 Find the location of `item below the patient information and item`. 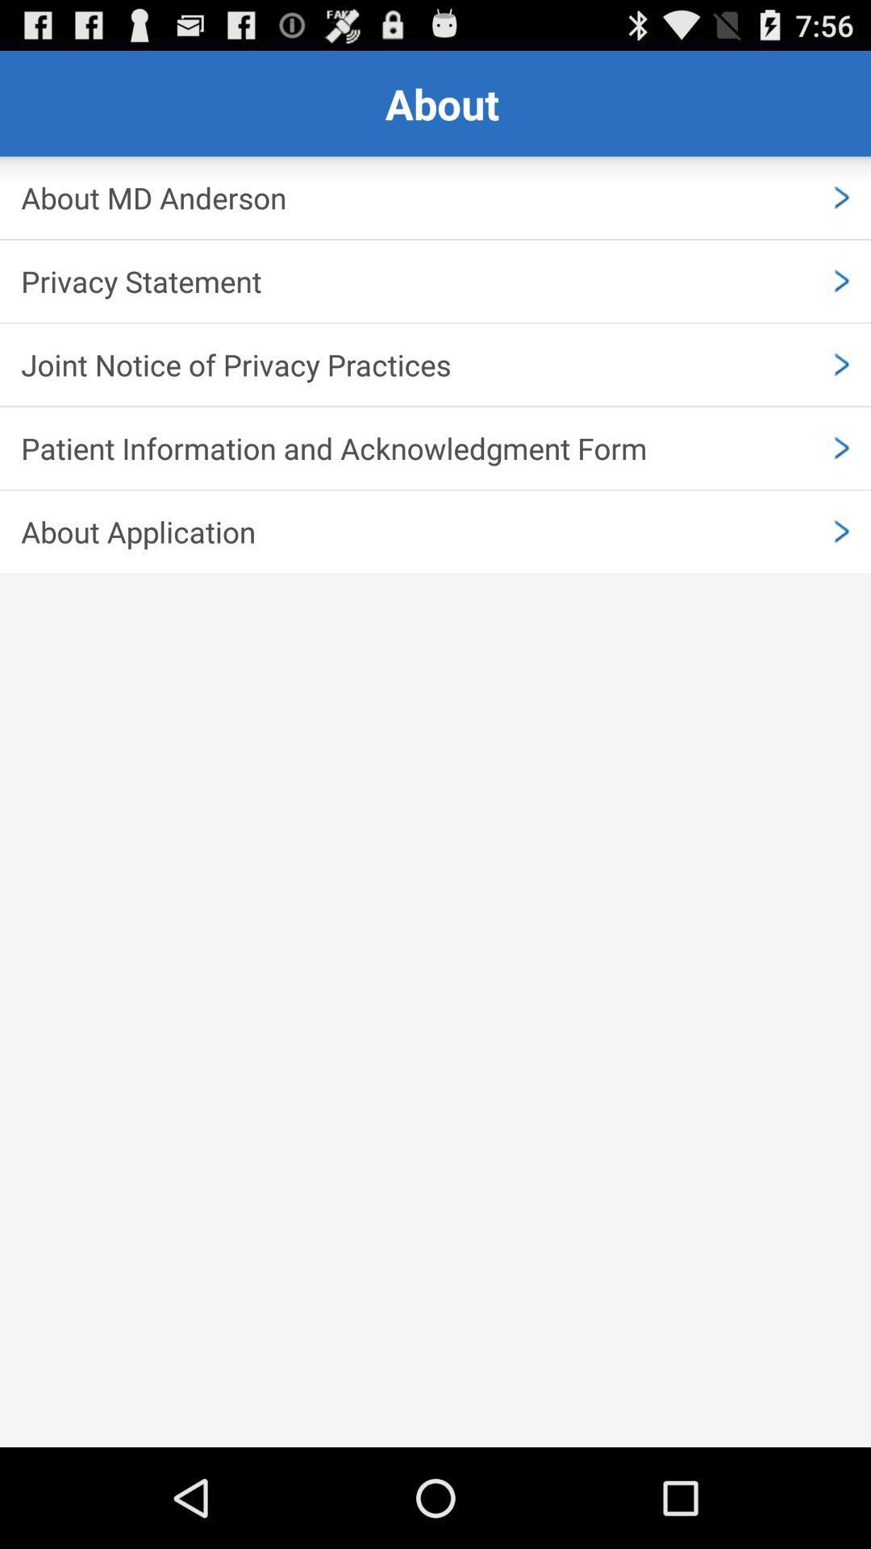

item below the patient information and item is located at coordinates (435, 532).